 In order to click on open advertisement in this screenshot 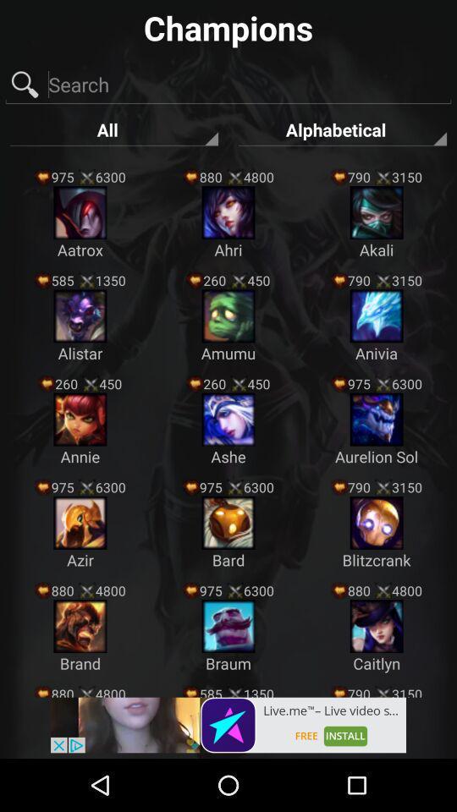, I will do `click(228, 724)`.